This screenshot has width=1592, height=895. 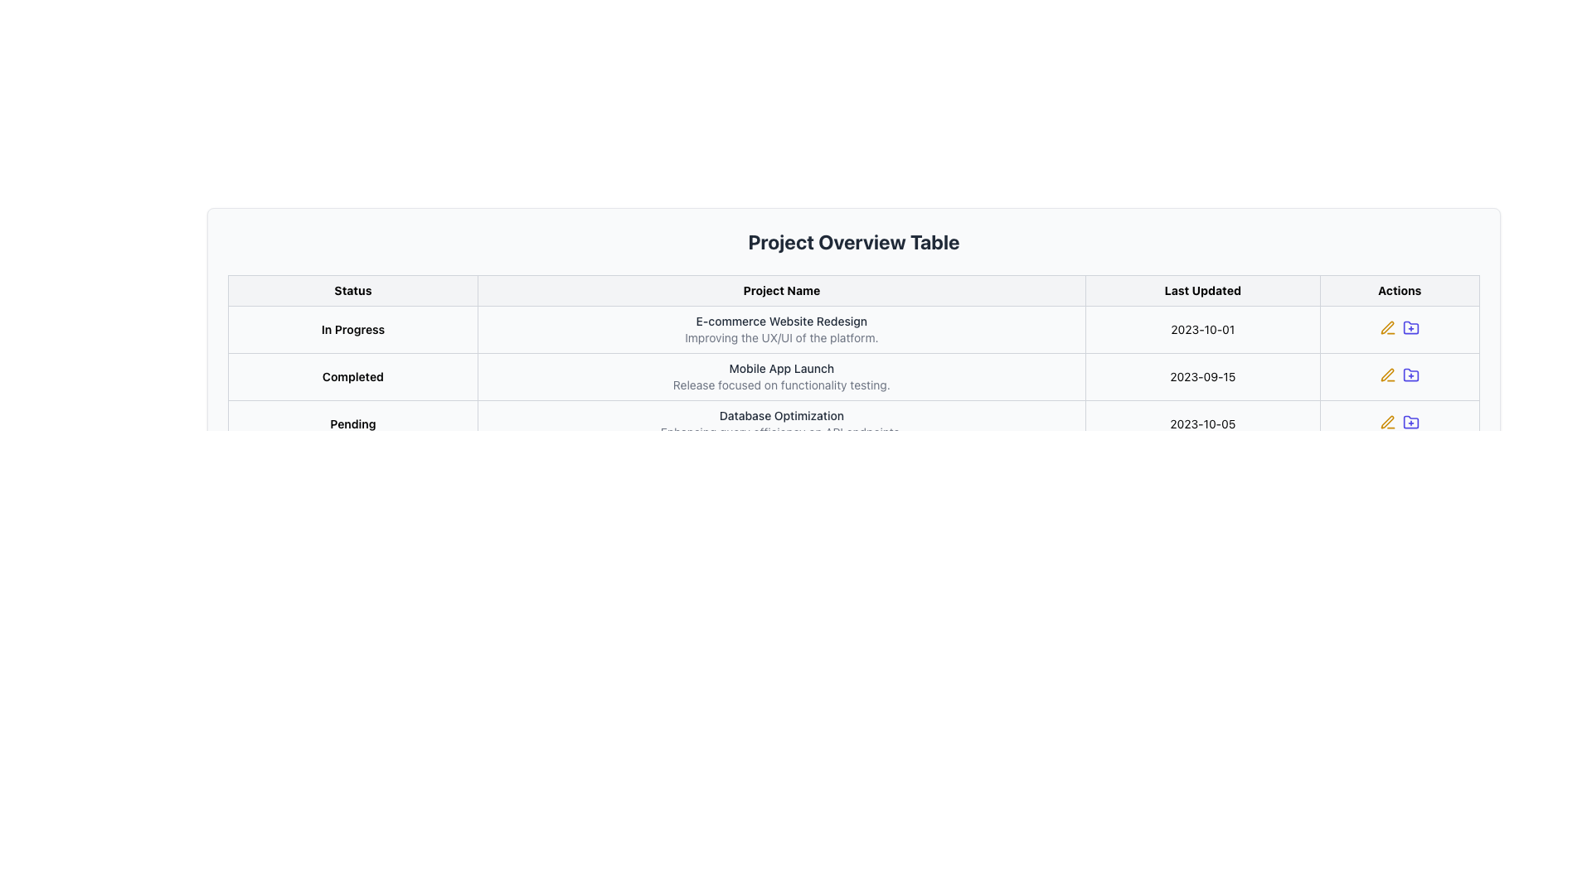 I want to click on the text 'Database Optimization' which is styled in a medium-weight font and located in the 'Project Name' column of the 'Project Overview Table', so click(x=780, y=414).